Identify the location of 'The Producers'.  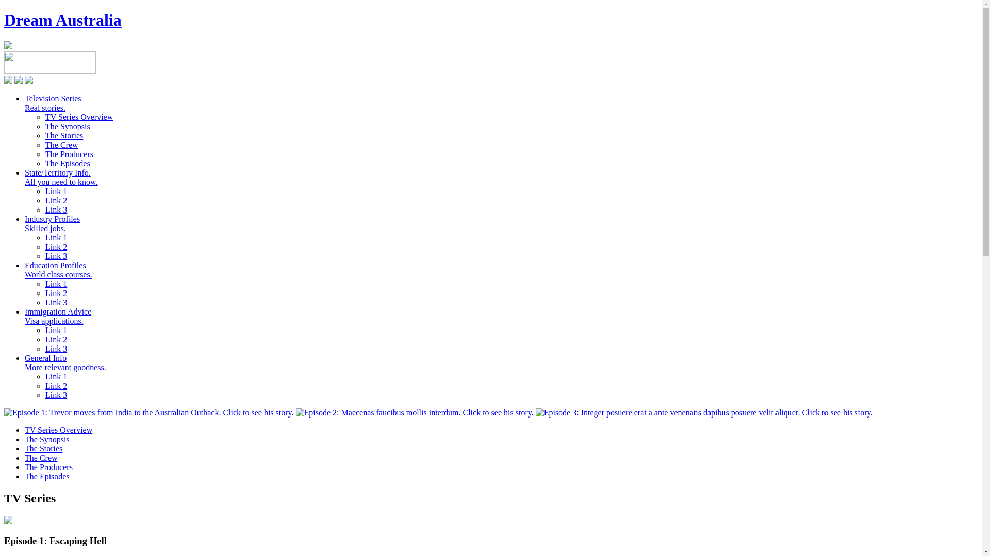
(48, 467).